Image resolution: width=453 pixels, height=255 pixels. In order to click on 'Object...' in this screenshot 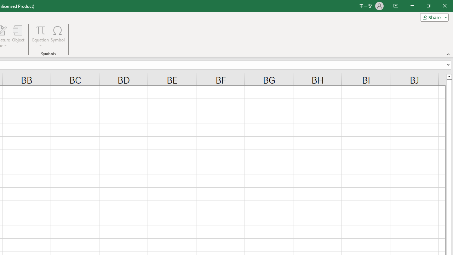, I will do `click(18, 36)`.